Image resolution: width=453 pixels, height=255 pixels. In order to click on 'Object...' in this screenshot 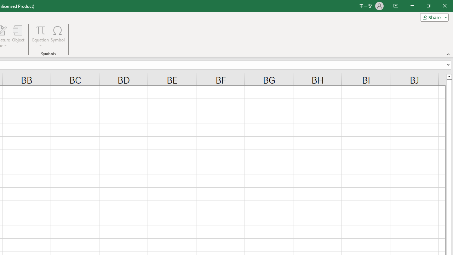, I will do `click(18, 36)`.